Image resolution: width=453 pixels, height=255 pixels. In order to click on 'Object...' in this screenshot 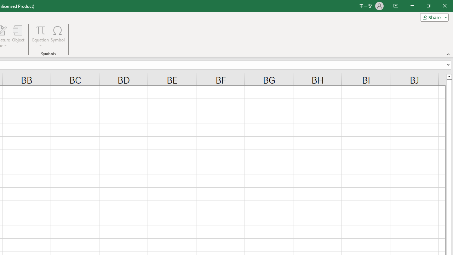, I will do `click(18, 36)`.